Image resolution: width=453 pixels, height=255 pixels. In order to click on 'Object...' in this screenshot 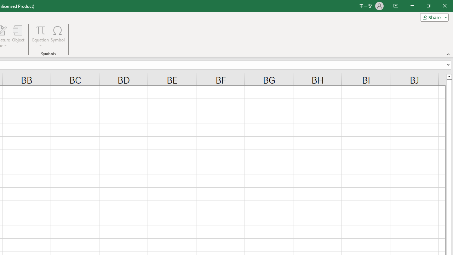, I will do `click(18, 36)`.